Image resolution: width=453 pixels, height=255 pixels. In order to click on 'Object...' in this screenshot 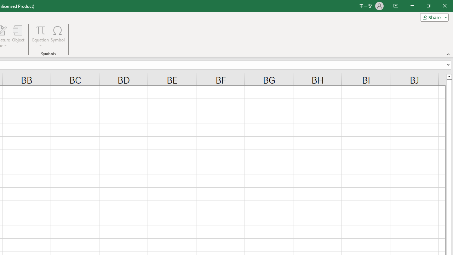, I will do `click(18, 36)`.